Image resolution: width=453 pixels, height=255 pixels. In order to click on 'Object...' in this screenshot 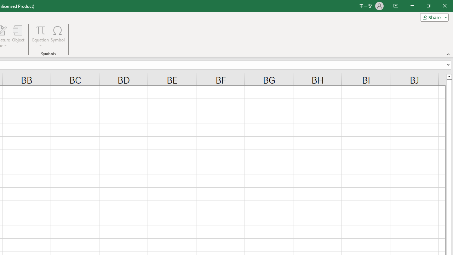, I will do `click(18, 36)`.